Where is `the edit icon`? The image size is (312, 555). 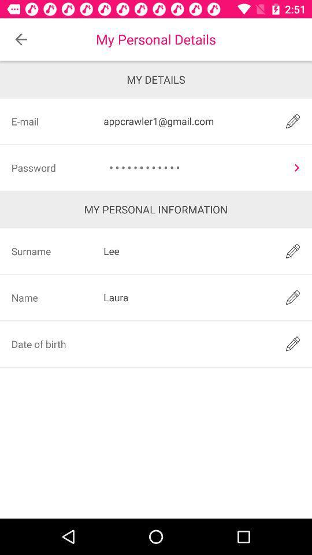 the edit icon is located at coordinates (293, 121).